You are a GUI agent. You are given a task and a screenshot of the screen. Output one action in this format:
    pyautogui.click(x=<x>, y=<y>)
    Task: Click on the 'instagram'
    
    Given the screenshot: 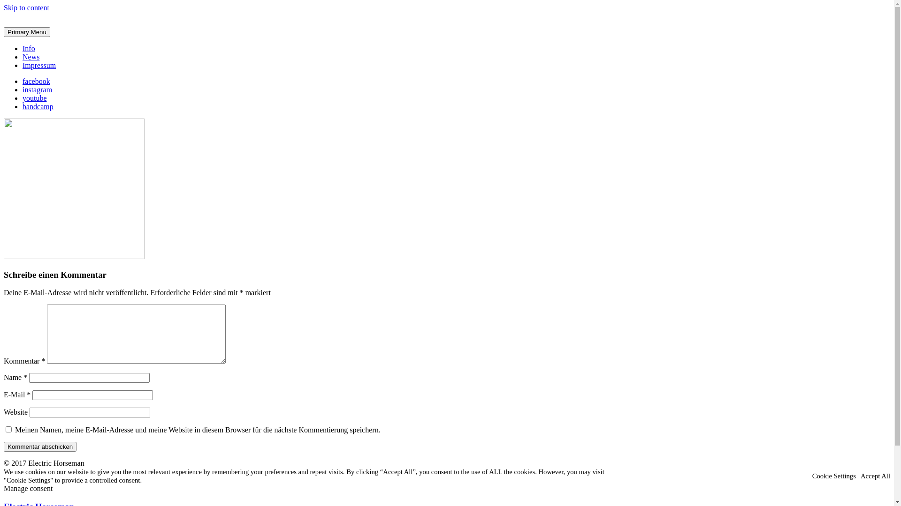 What is the action you would take?
    pyautogui.click(x=39, y=89)
    